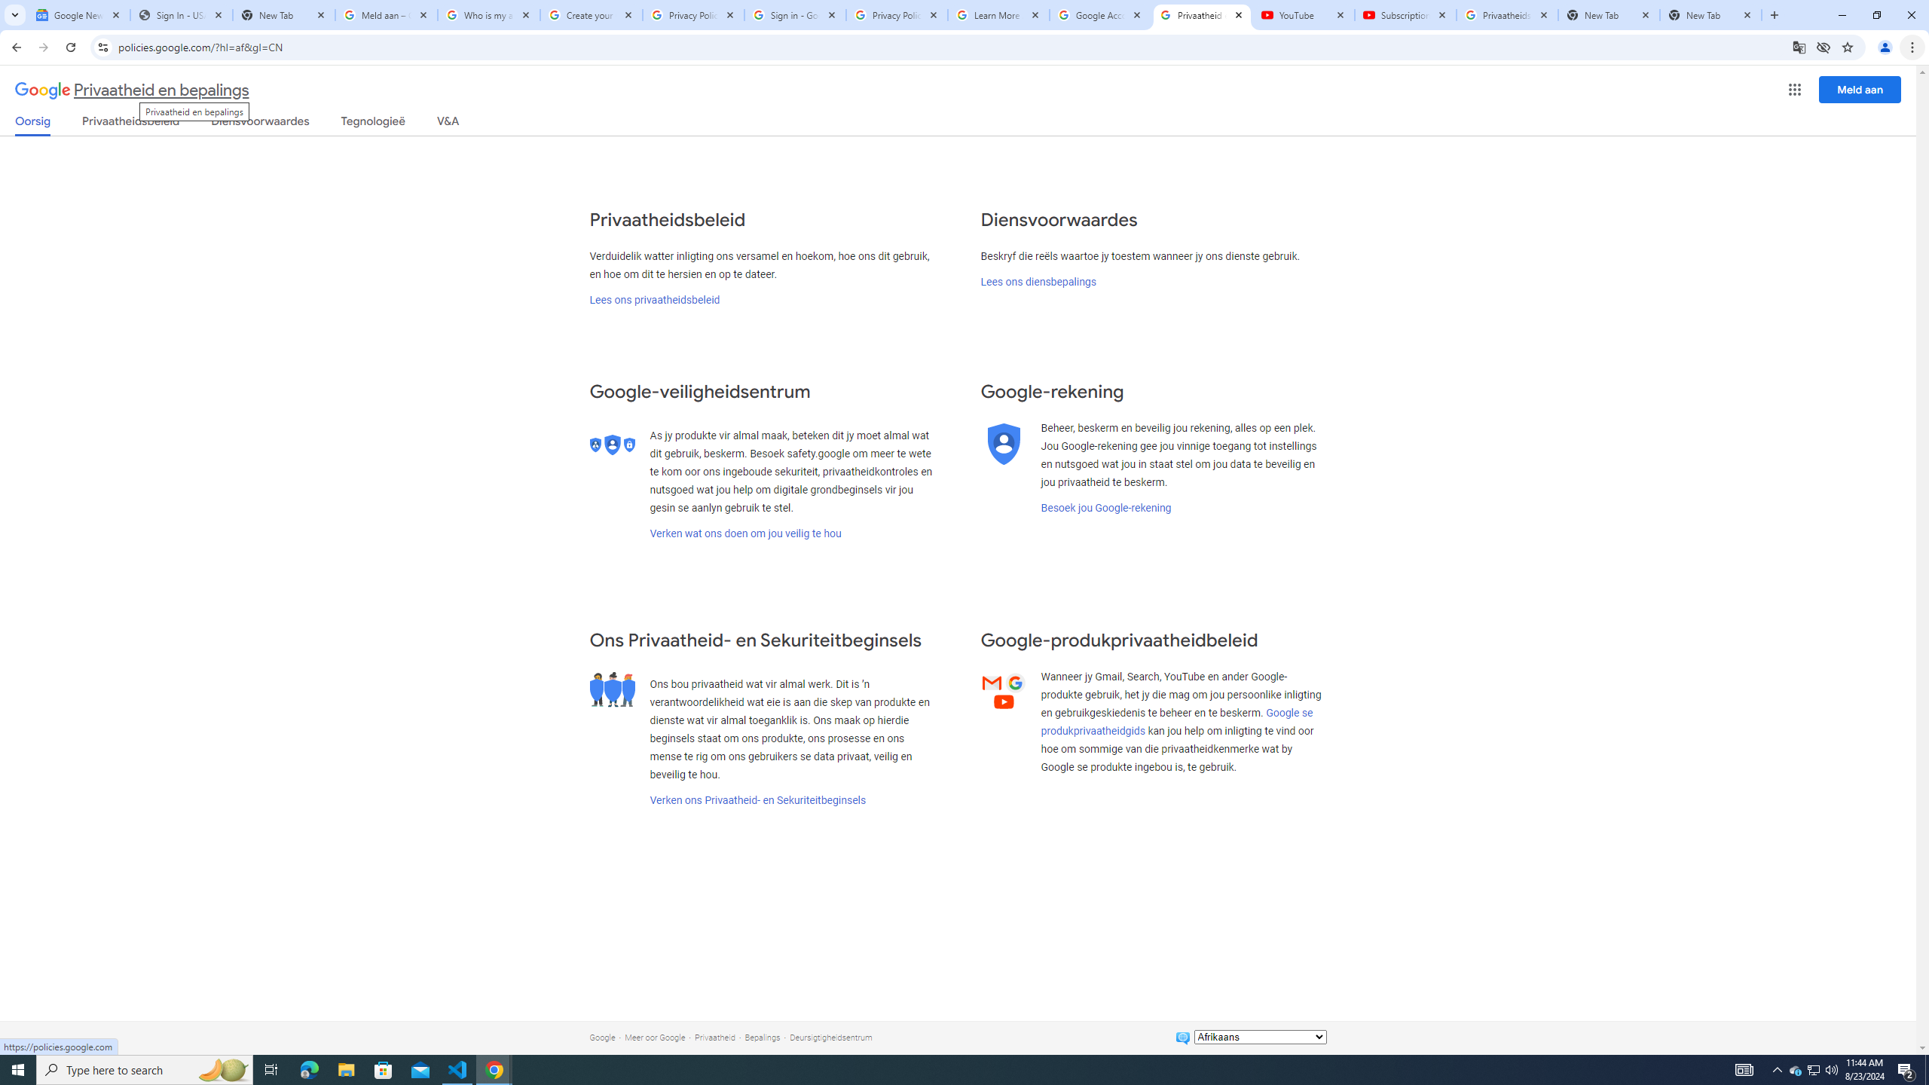 The height and width of the screenshot is (1085, 1929). Describe the element at coordinates (591, 14) in the screenshot. I see `'Create your Google Account'` at that location.